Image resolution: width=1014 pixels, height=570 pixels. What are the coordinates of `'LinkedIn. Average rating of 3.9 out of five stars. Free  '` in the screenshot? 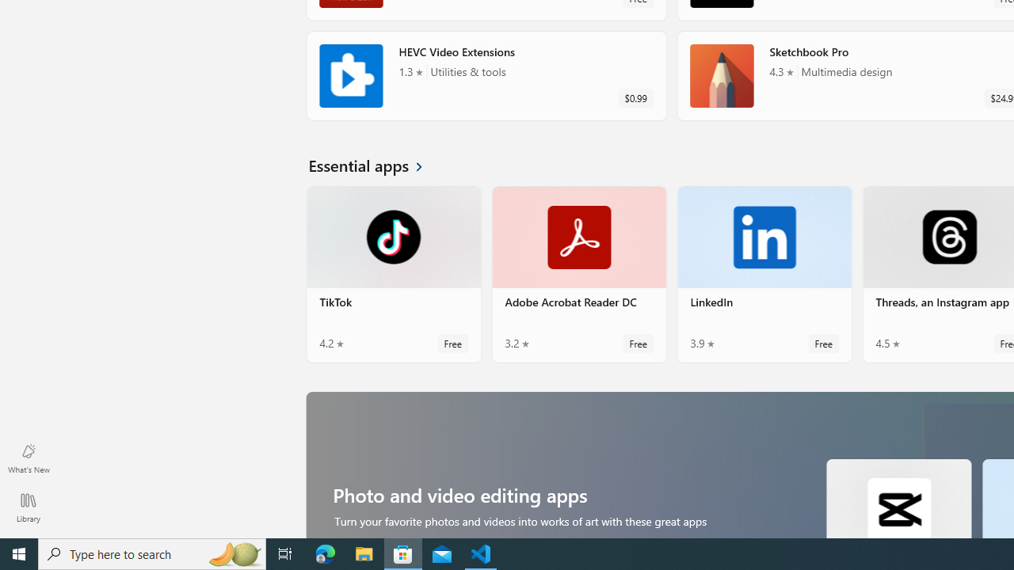 It's located at (764, 274).